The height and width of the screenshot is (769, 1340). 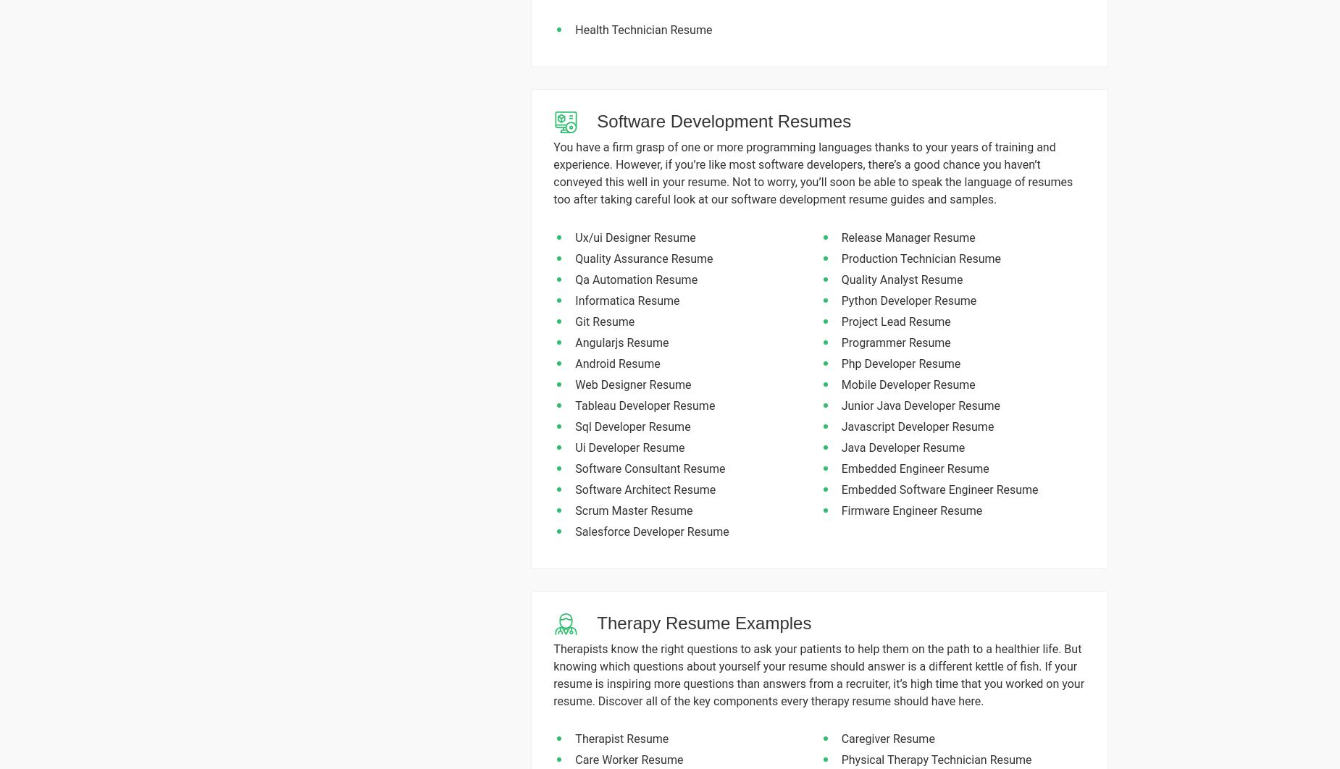 What do you see at coordinates (596, 120) in the screenshot?
I see `'Software Development Resumes'` at bounding box center [596, 120].